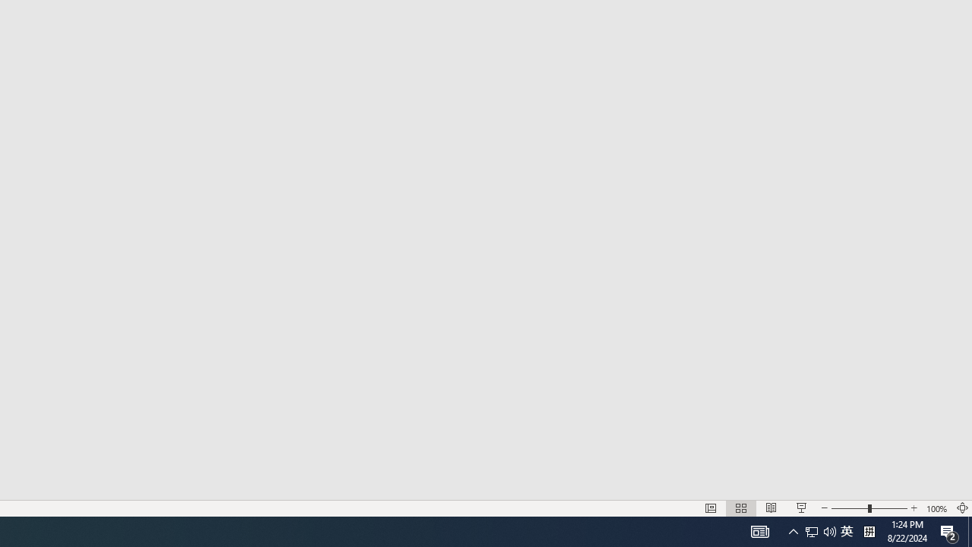 This screenshot has height=547, width=972. I want to click on 'Notification Chevron', so click(811, 530).